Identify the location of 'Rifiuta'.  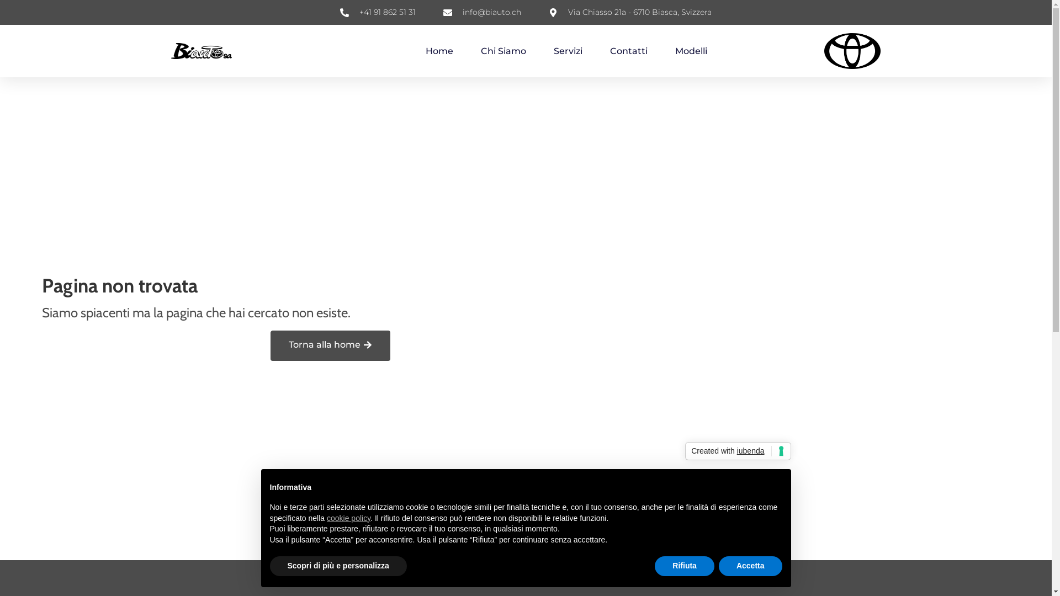
(683, 566).